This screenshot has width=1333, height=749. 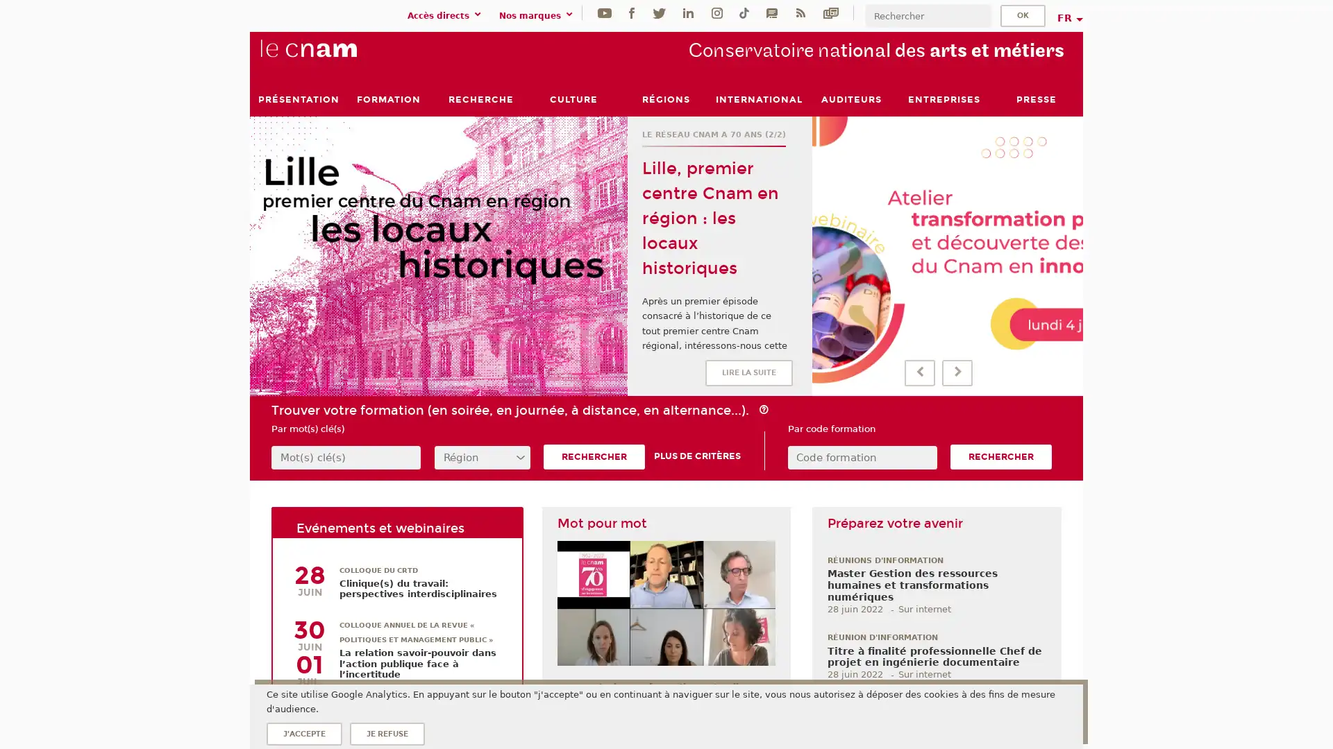 I want to click on PLUS DE CRITERES, so click(x=697, y=456).